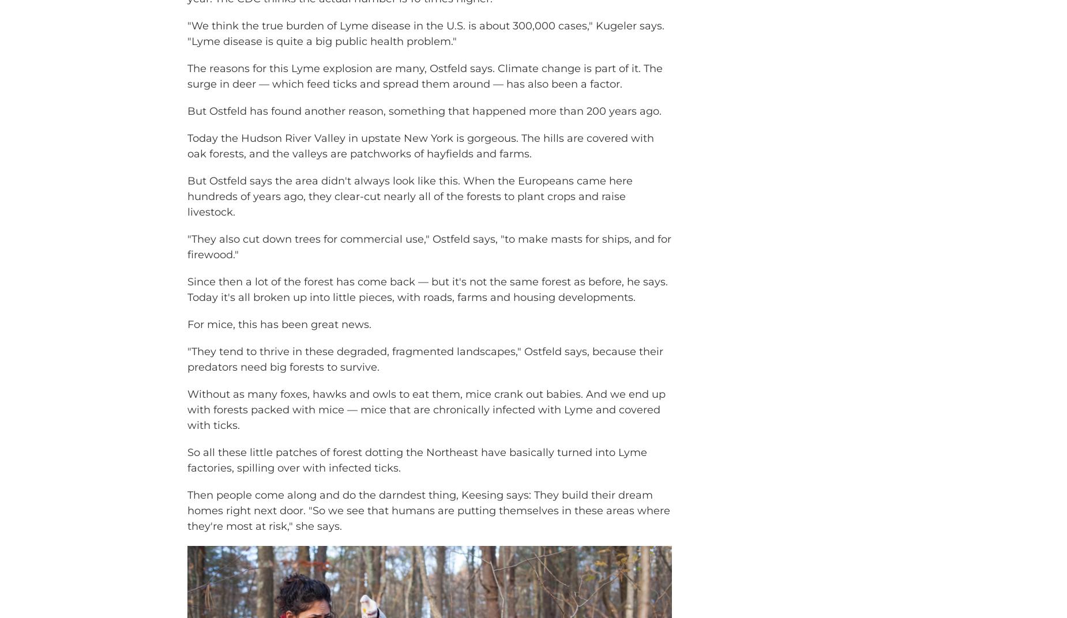 The height and width of the screenshot is (618, 1067). What do you see at coordinates (425, 92) in the screenshot?
I see `'The reasons for this Lyme explosion are many, Ostfeld says. Climate change is part of it. The surge in deer — which feed ticks and spread them around — has also been a factor.'` at bounding box center [425, 92].